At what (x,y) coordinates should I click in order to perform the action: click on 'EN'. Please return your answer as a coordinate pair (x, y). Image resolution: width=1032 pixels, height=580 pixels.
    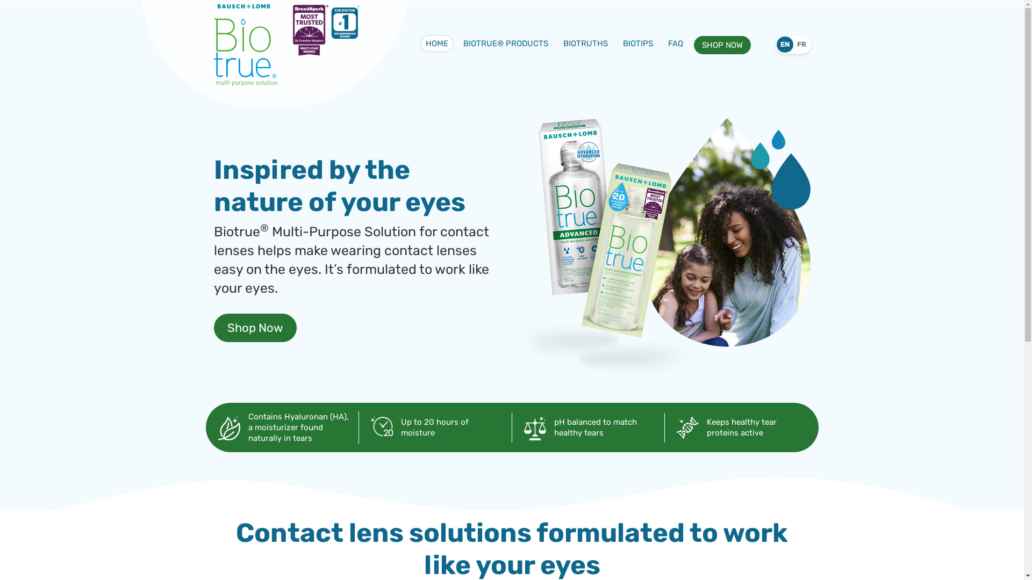
    Looking at the image, I should click on (776, 44).